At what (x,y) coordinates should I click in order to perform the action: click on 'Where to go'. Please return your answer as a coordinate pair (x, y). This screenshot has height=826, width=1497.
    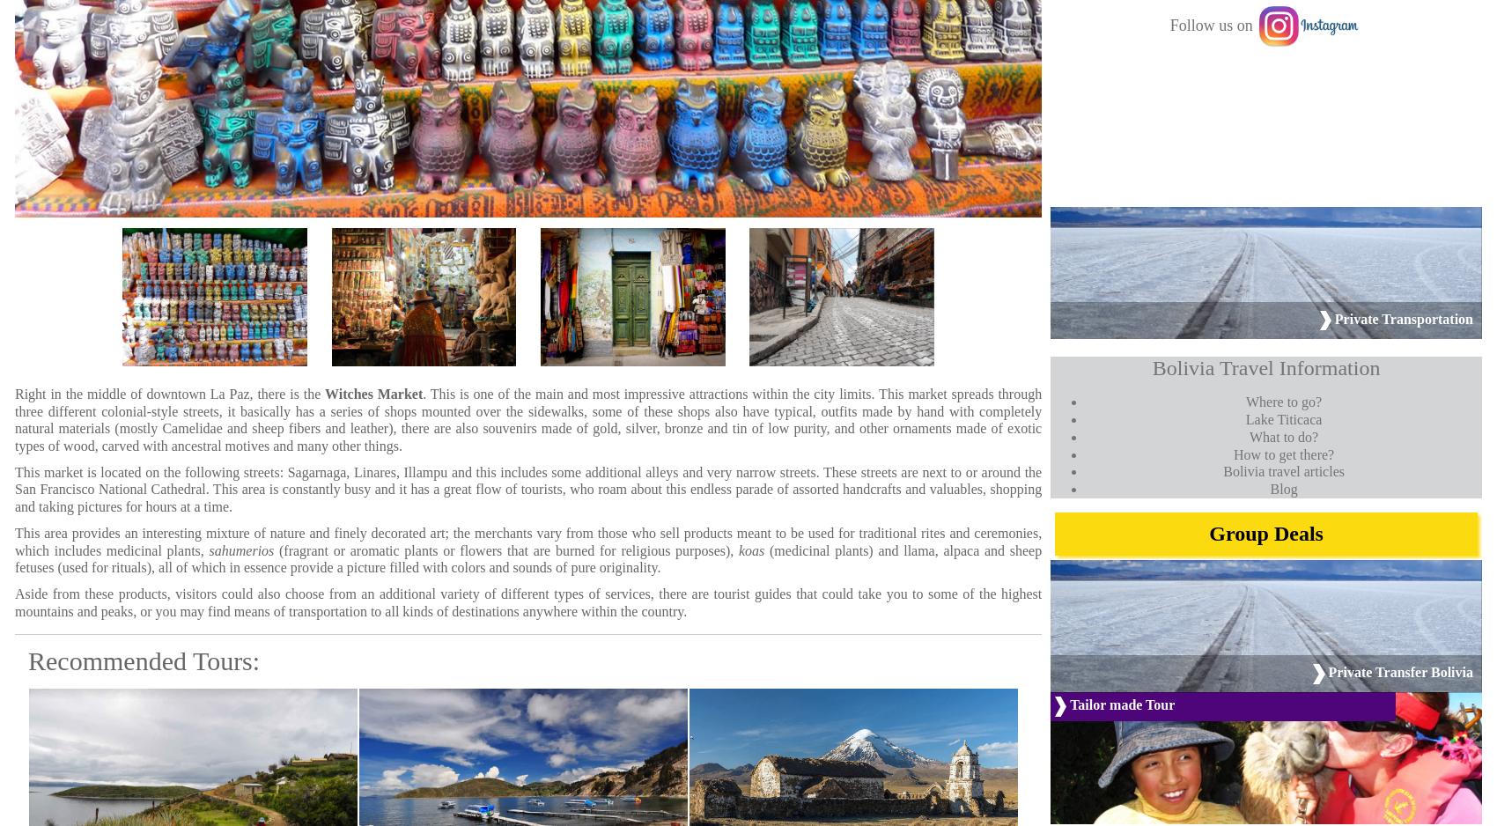
    Looking at the image, I should click on (1279, 401).